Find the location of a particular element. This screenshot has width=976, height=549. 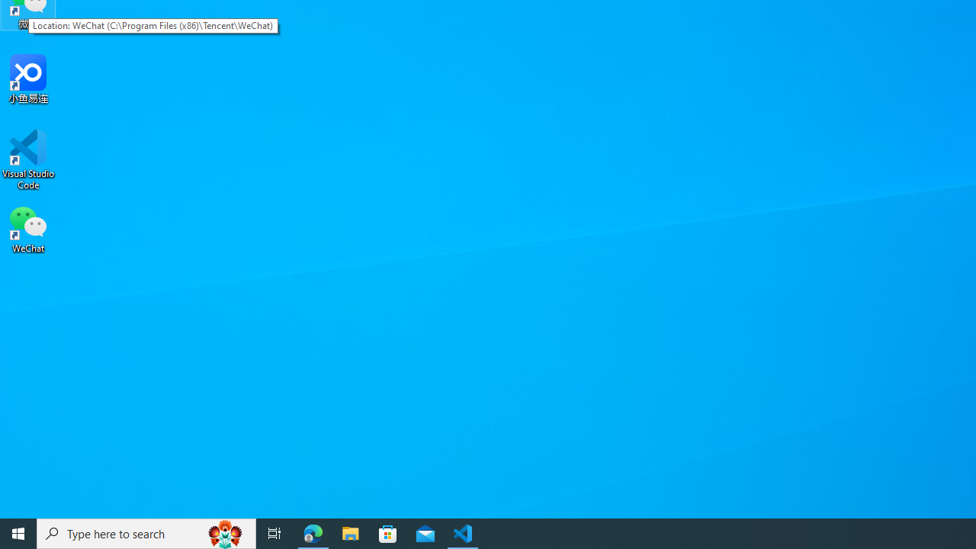

'Task View' is located at coordinates (274, 532).